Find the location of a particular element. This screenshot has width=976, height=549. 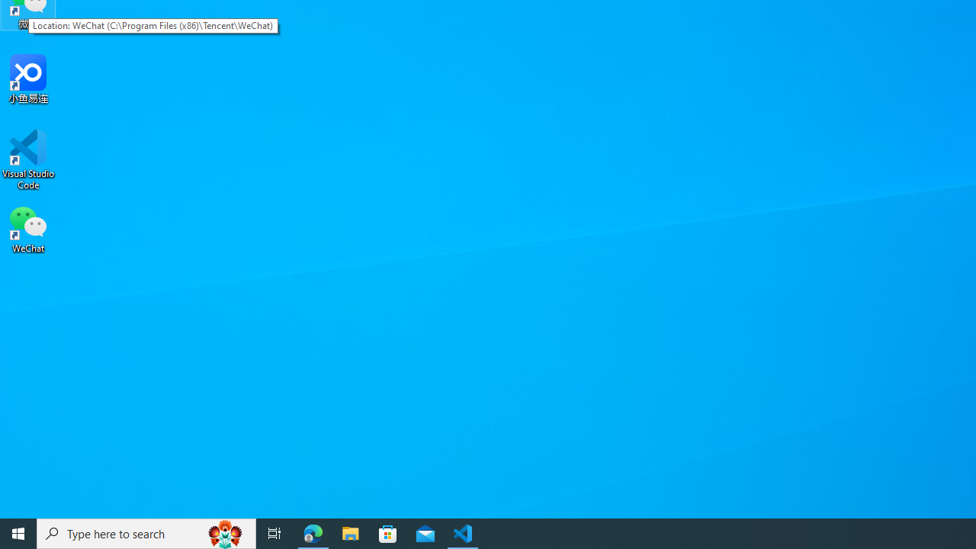

'Task View' is located at coordinates (274, 532).